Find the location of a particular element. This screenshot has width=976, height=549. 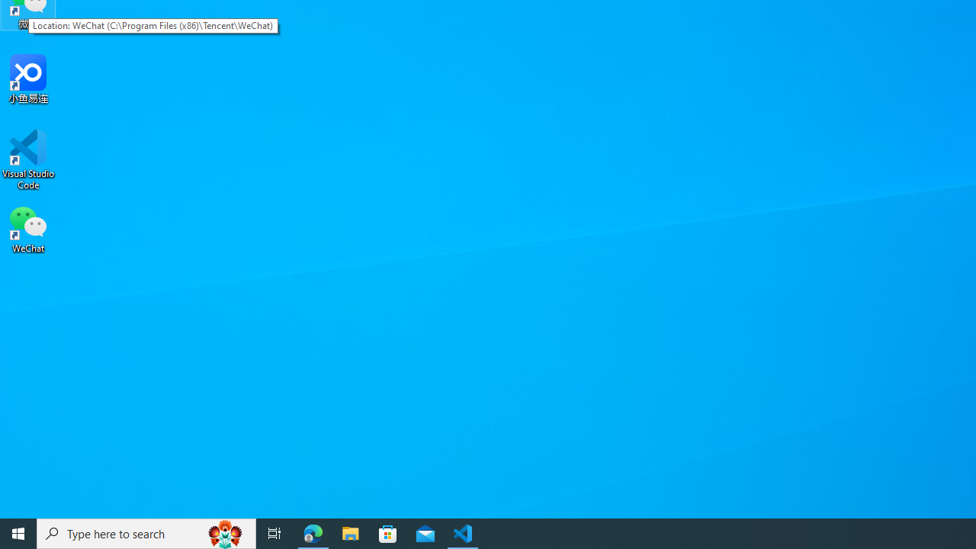

'Task View' is located at coordinates (274, 532).